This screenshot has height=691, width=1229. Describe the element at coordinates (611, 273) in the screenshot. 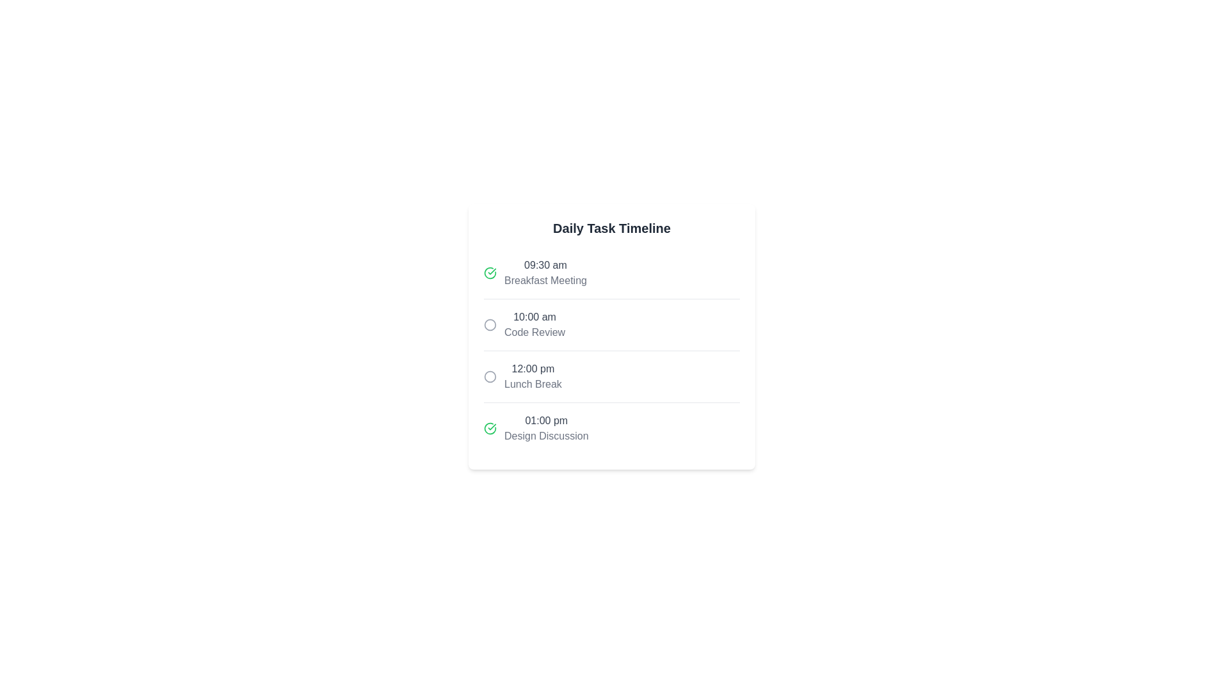

I see `the first entry in the 'Daily Task Timeline' section representing a completed 'Breakfast Meeting' event scheduled for 09:30 am` at that location.